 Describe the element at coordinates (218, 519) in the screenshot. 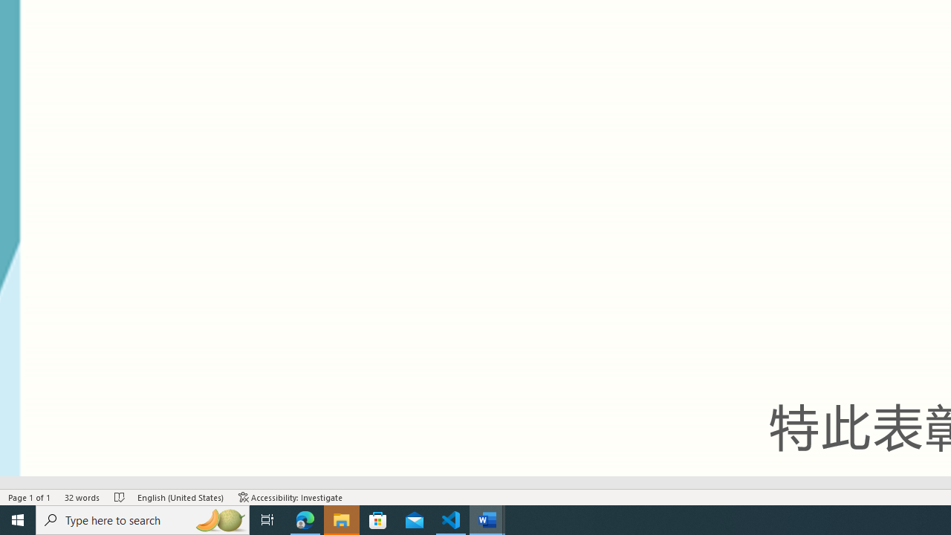

I see `'Search highlights icon opens search home window'` at that location.